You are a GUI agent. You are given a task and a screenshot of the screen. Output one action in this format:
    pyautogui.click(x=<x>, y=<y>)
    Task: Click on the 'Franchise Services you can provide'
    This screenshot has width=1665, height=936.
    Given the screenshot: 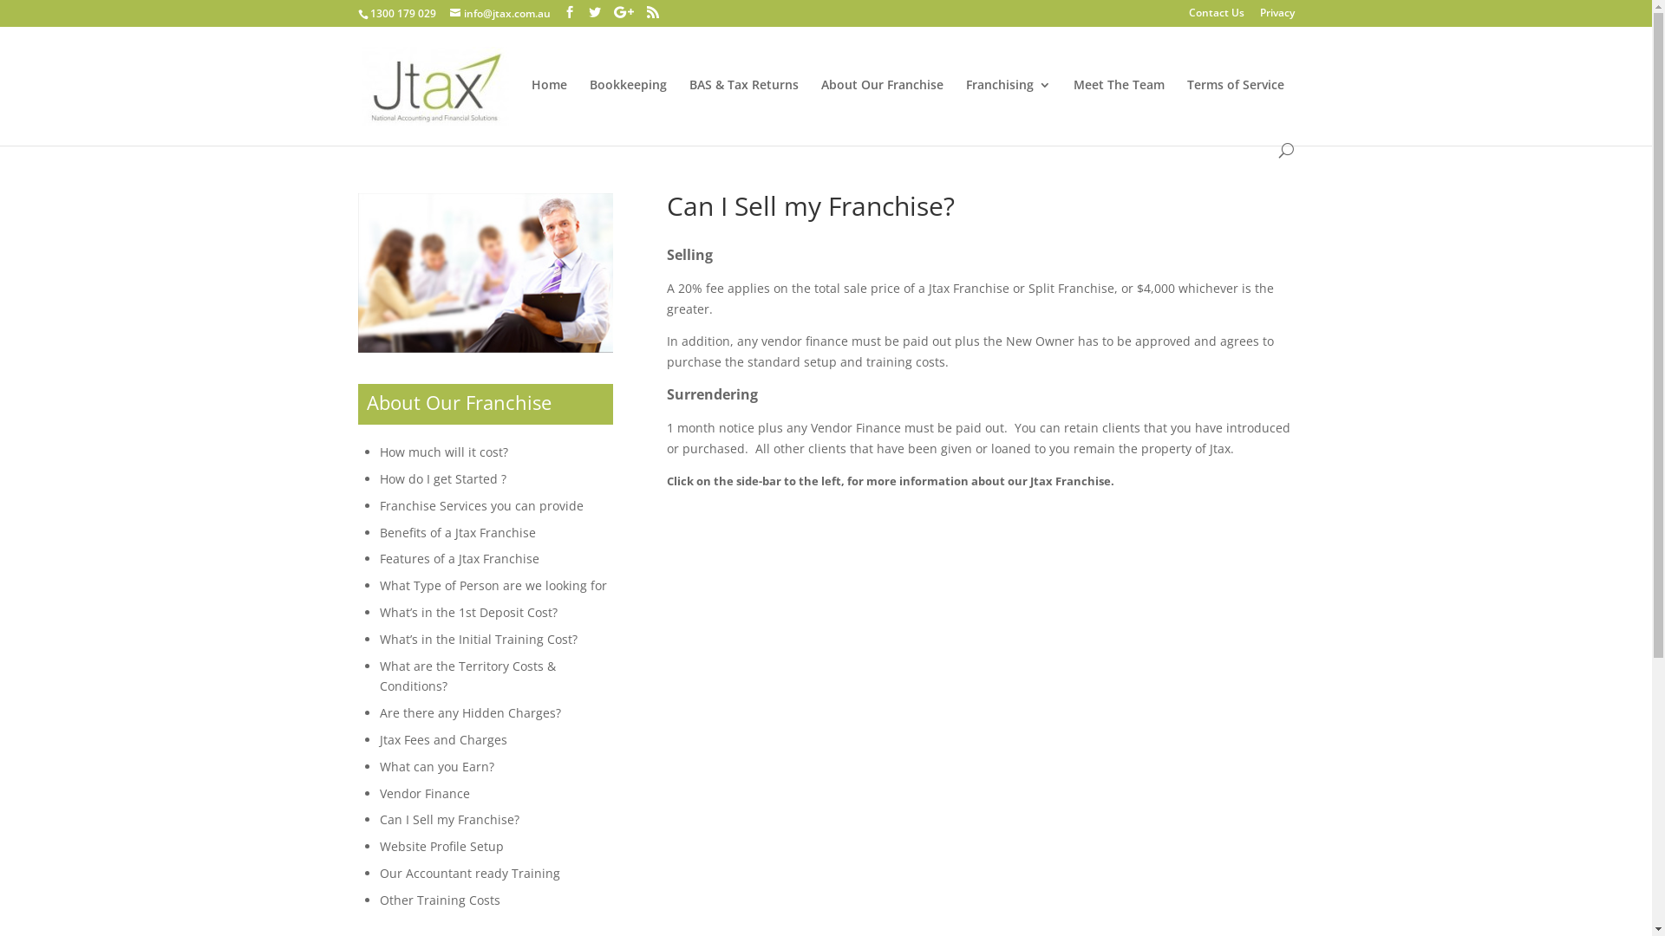 What is the action you would take?
    pyautogui.click(x=481, y=505)
    